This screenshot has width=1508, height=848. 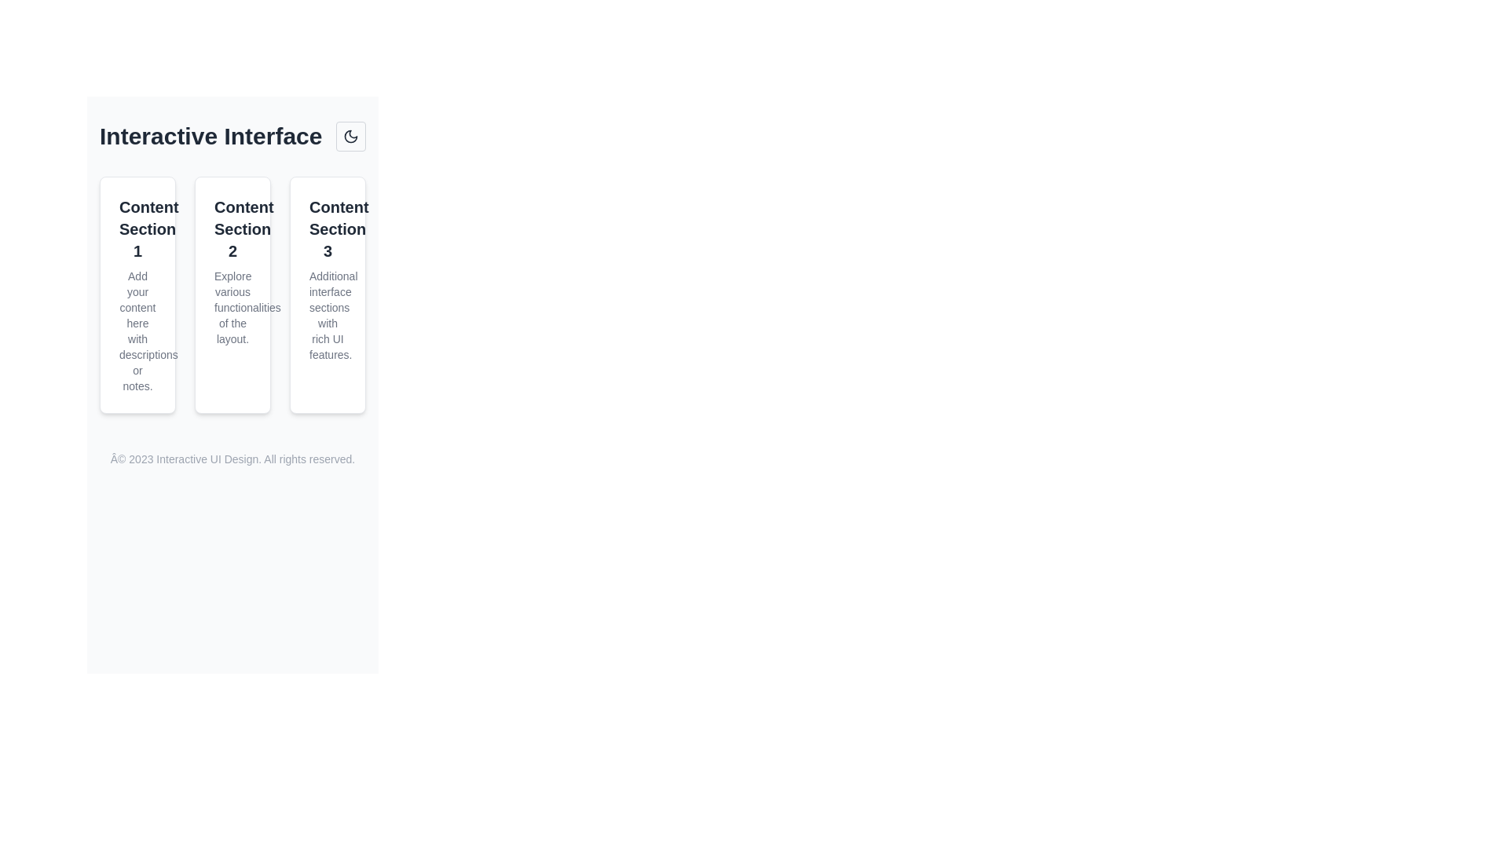 I want to click on the Text Label that serves as a header or title for the first card in a column of horizontally aligned cards, positioned near the top of the card, so click(x=137, y=229).